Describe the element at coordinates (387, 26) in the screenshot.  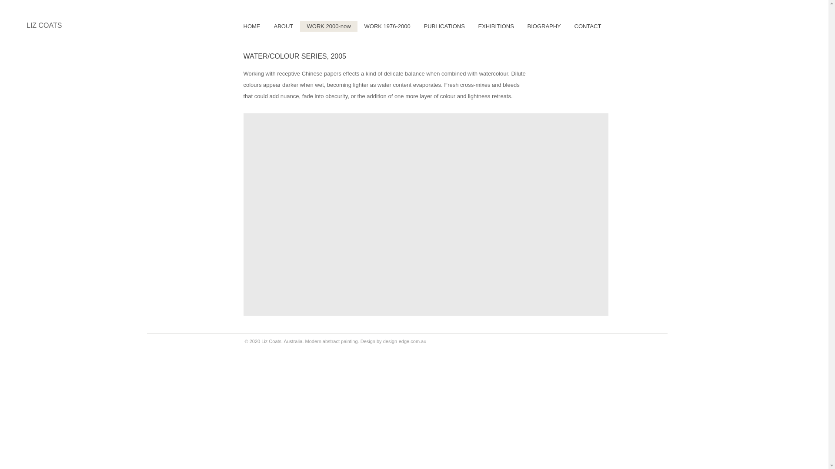
I see `'WORK 1976-2000'` at that location.